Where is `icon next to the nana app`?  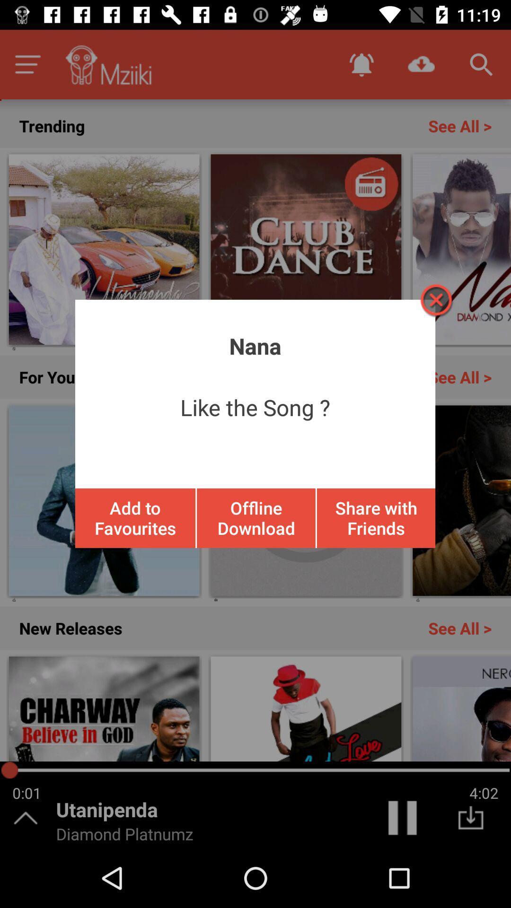 icon next to the nana app is located at coordinates (435, 299).